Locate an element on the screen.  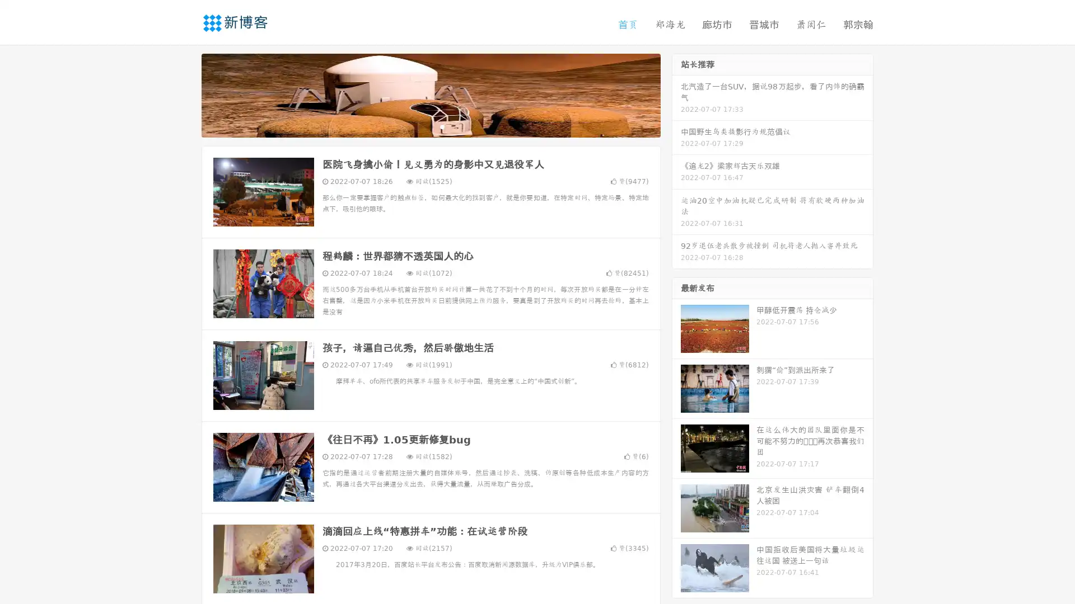
Go to slide 3 is located at coordinates (442, 126).